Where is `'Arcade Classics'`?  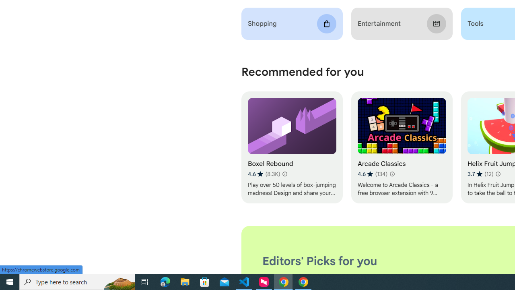 'Arcade Classics' is located at coordinates (402, 147).